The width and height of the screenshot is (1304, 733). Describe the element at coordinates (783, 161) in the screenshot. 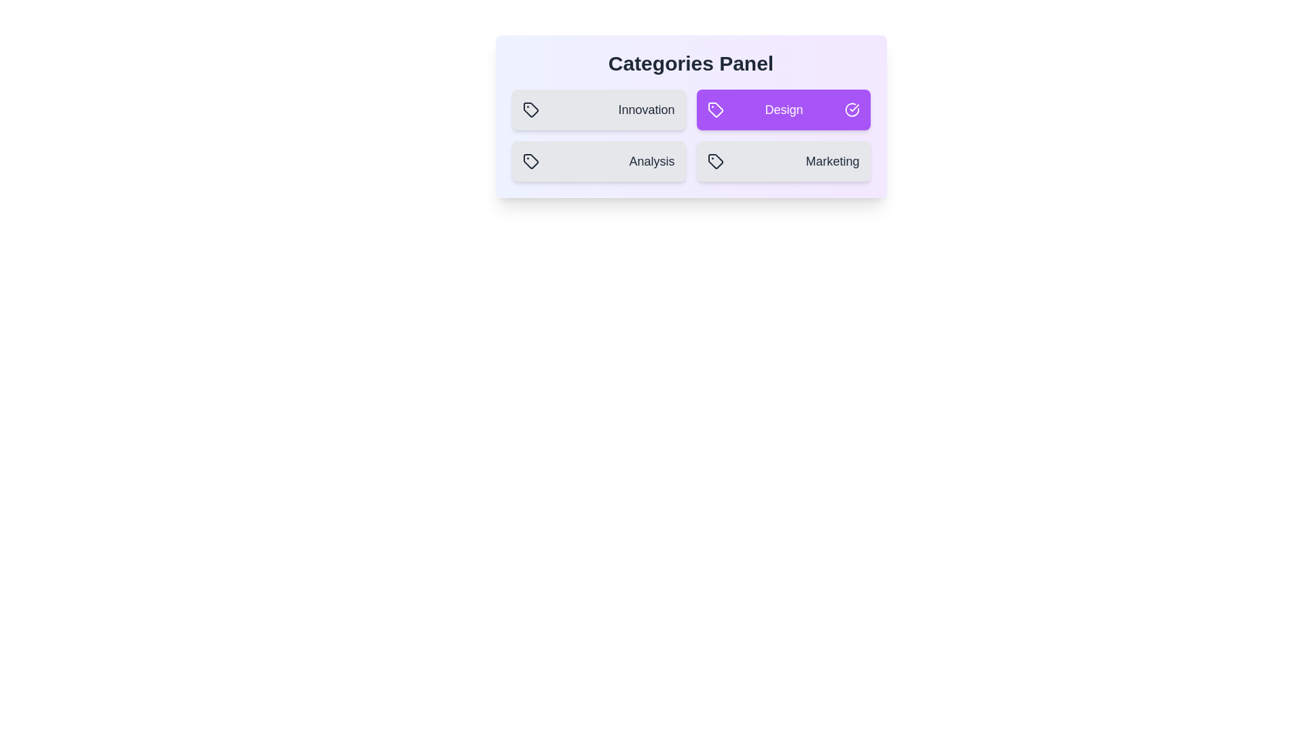

I see `the category Marketing` at that location.